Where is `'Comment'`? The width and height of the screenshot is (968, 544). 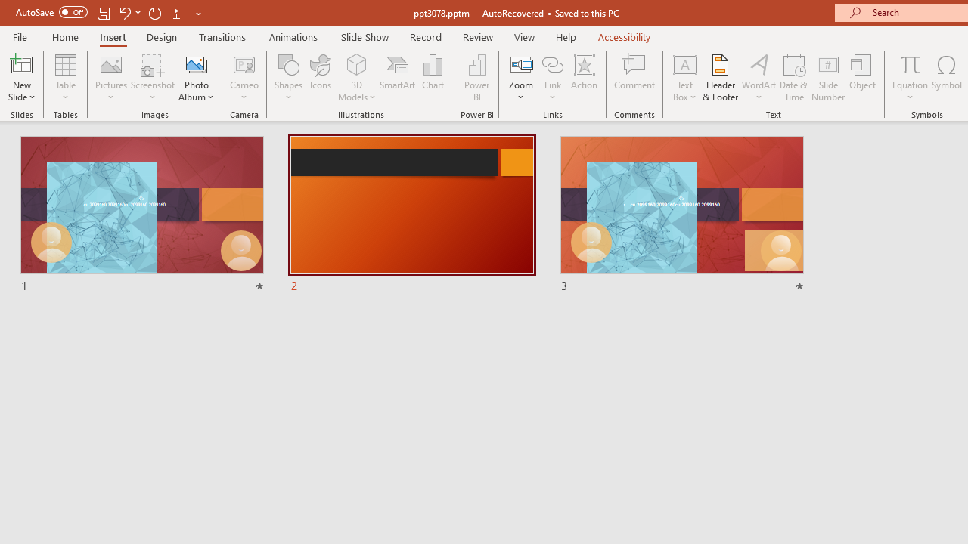 'Comment' is located at coordinates (634, 78).